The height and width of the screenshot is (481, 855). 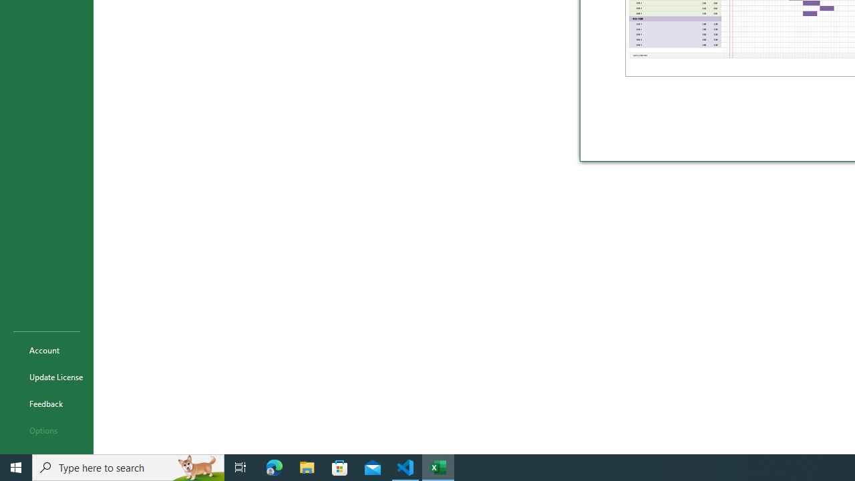 What do you see at coordinates (128, 466) in the screenshot?
I see `'Type here to search'` at bounding box center [128, 466].